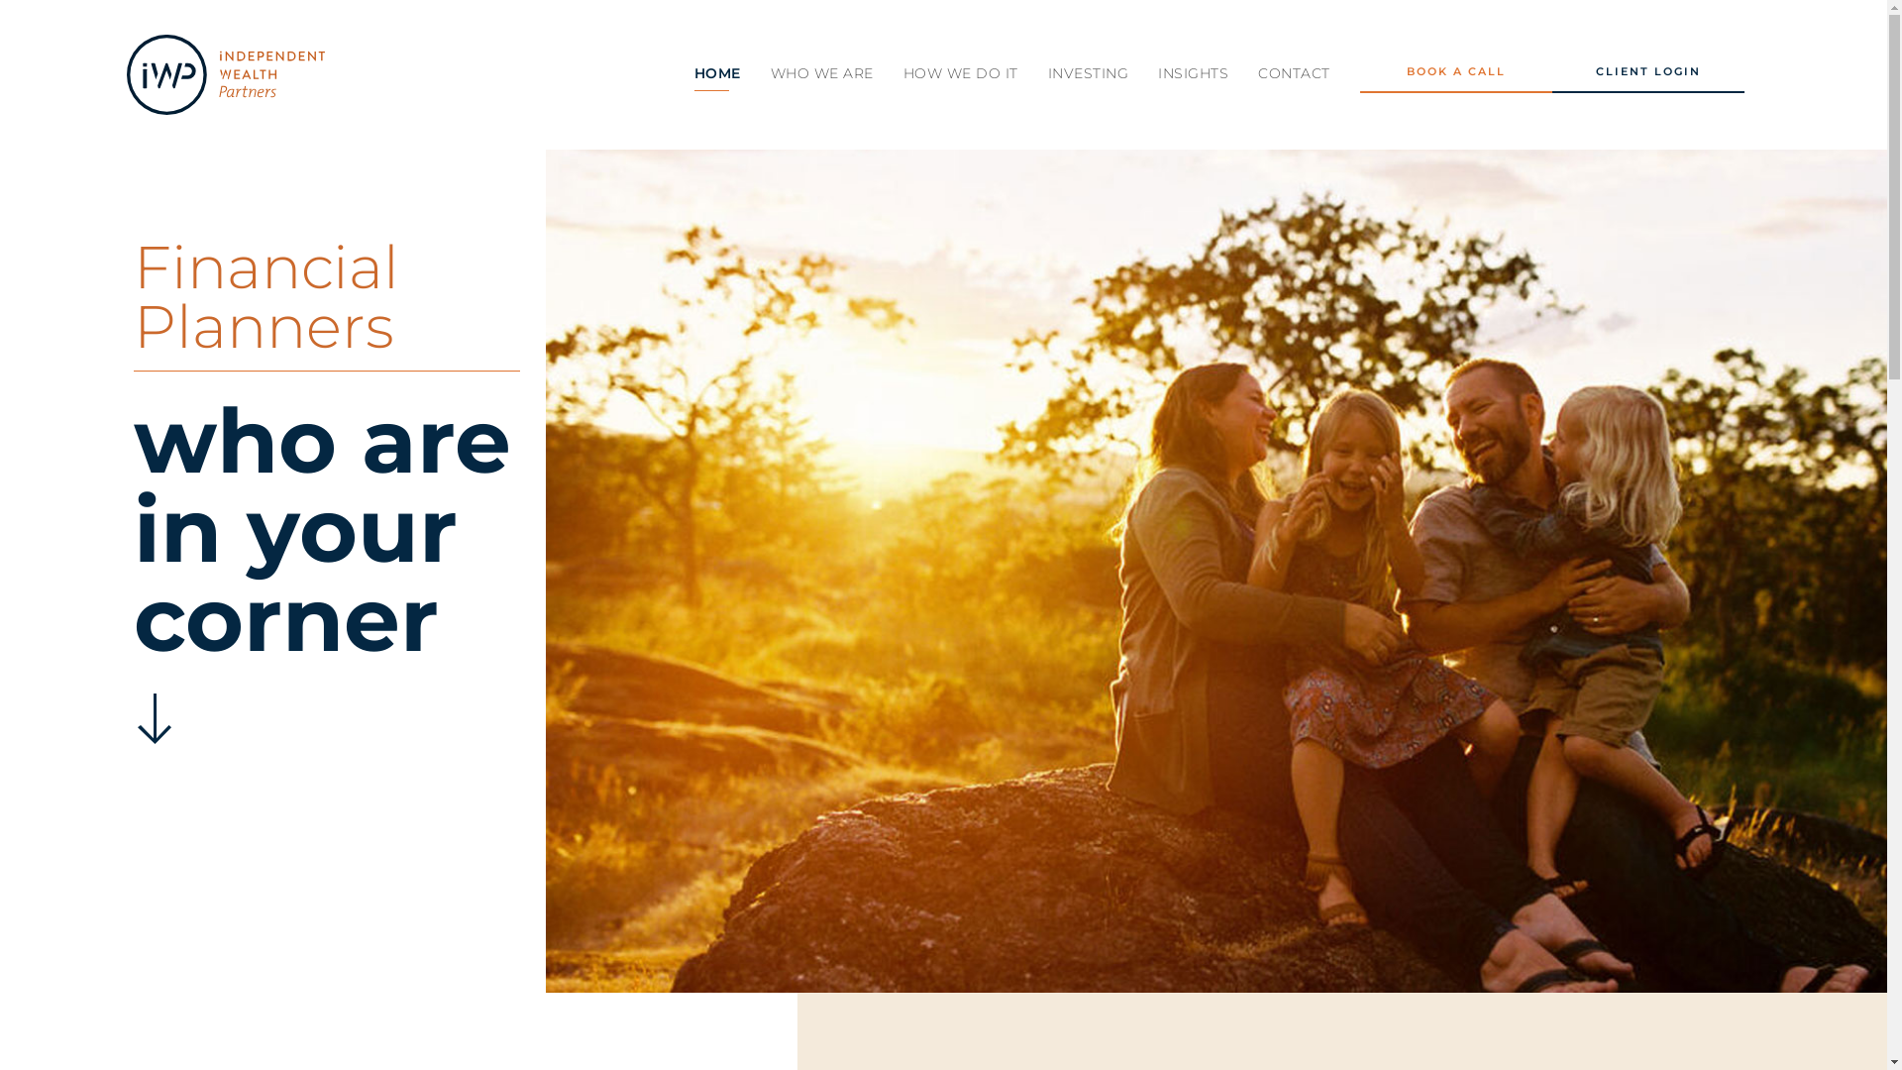 This screenshot has width=1902, height=1070. Describe the element at coordinates (1088, 71) in the screenshot. I see `'INVESTING'` at that location.